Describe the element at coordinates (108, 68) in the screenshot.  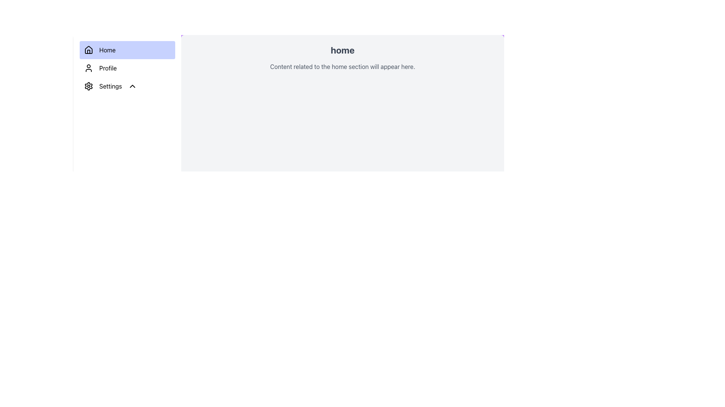
I see `the 'Profile' label in the sidebar menu, which is the second item after 'Home' and before 'Settings', displaying in black font and aligned with a user silhouette icon` at that location.